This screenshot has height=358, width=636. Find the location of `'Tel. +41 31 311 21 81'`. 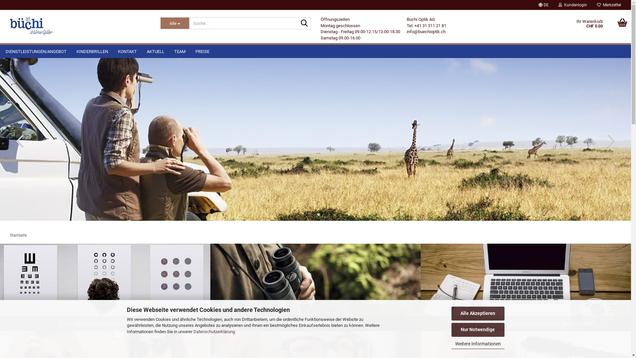

'Tel. +41 31 311 21 81' is located at coordinates (406, 25).